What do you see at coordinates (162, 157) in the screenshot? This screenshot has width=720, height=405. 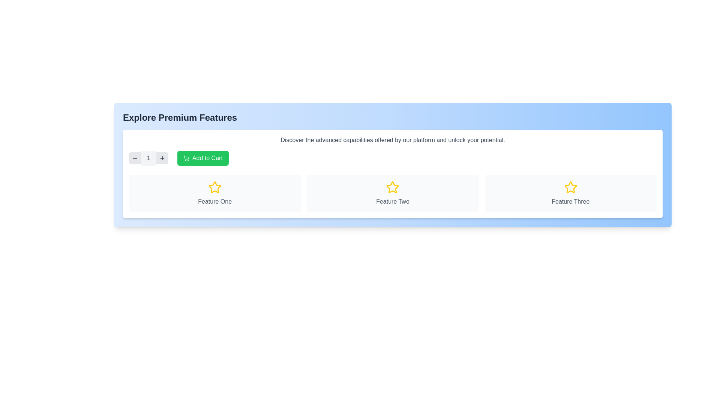 I see `the increment button located in the top-left segment of the interface under the 'Explore Premium Features' section, which is positioned immediately to the right of the decrement button and to the left of the numeric input box` at bounding box center [162, 157].